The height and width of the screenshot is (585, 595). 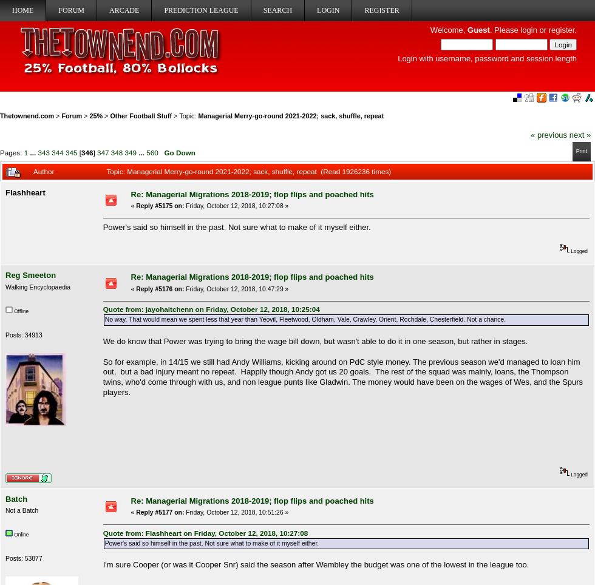 What do you see at coordinates (102, 377) in the screenshot?
I see `'So for example, in 14/15 we still had Andy Williams, kicking around on PdC style money. The previous season we'd managed to loan him out,  but a bad injury meant no repeat.  Happily though Andy got us 20 goals.  The rest of the squad was mainly, loans, the Thompson twins, who'd come through with us, and non league punts like Gladwin. The money would have been on the wages of Wes, and the Spurs players.'` at bounding box center [102, 377].